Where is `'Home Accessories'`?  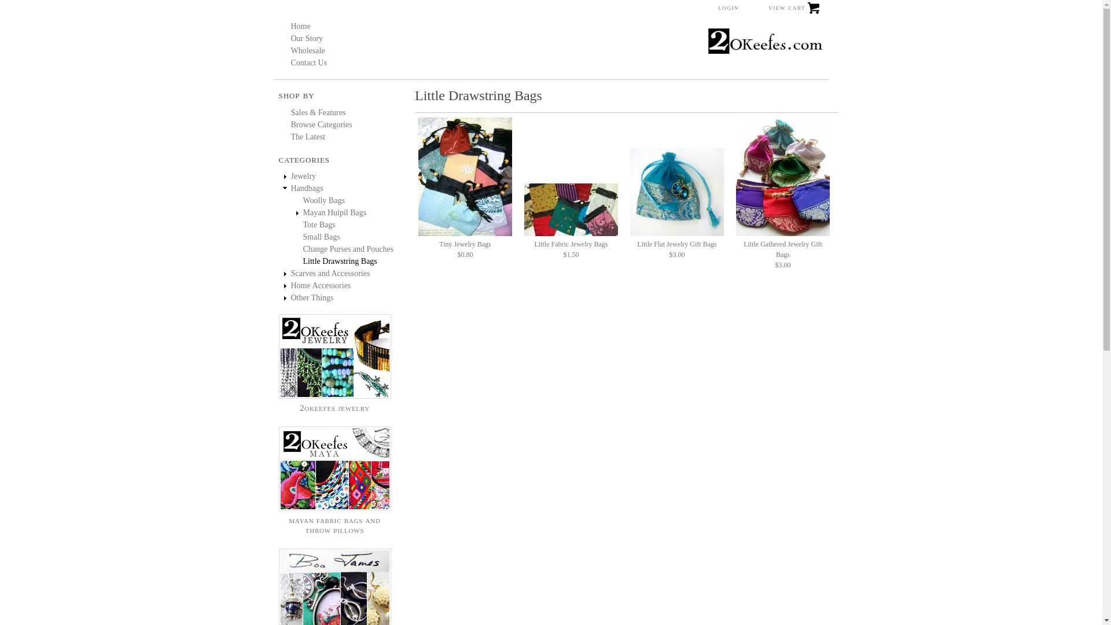 'Home Accessories' is located at coordinates (320, 285).